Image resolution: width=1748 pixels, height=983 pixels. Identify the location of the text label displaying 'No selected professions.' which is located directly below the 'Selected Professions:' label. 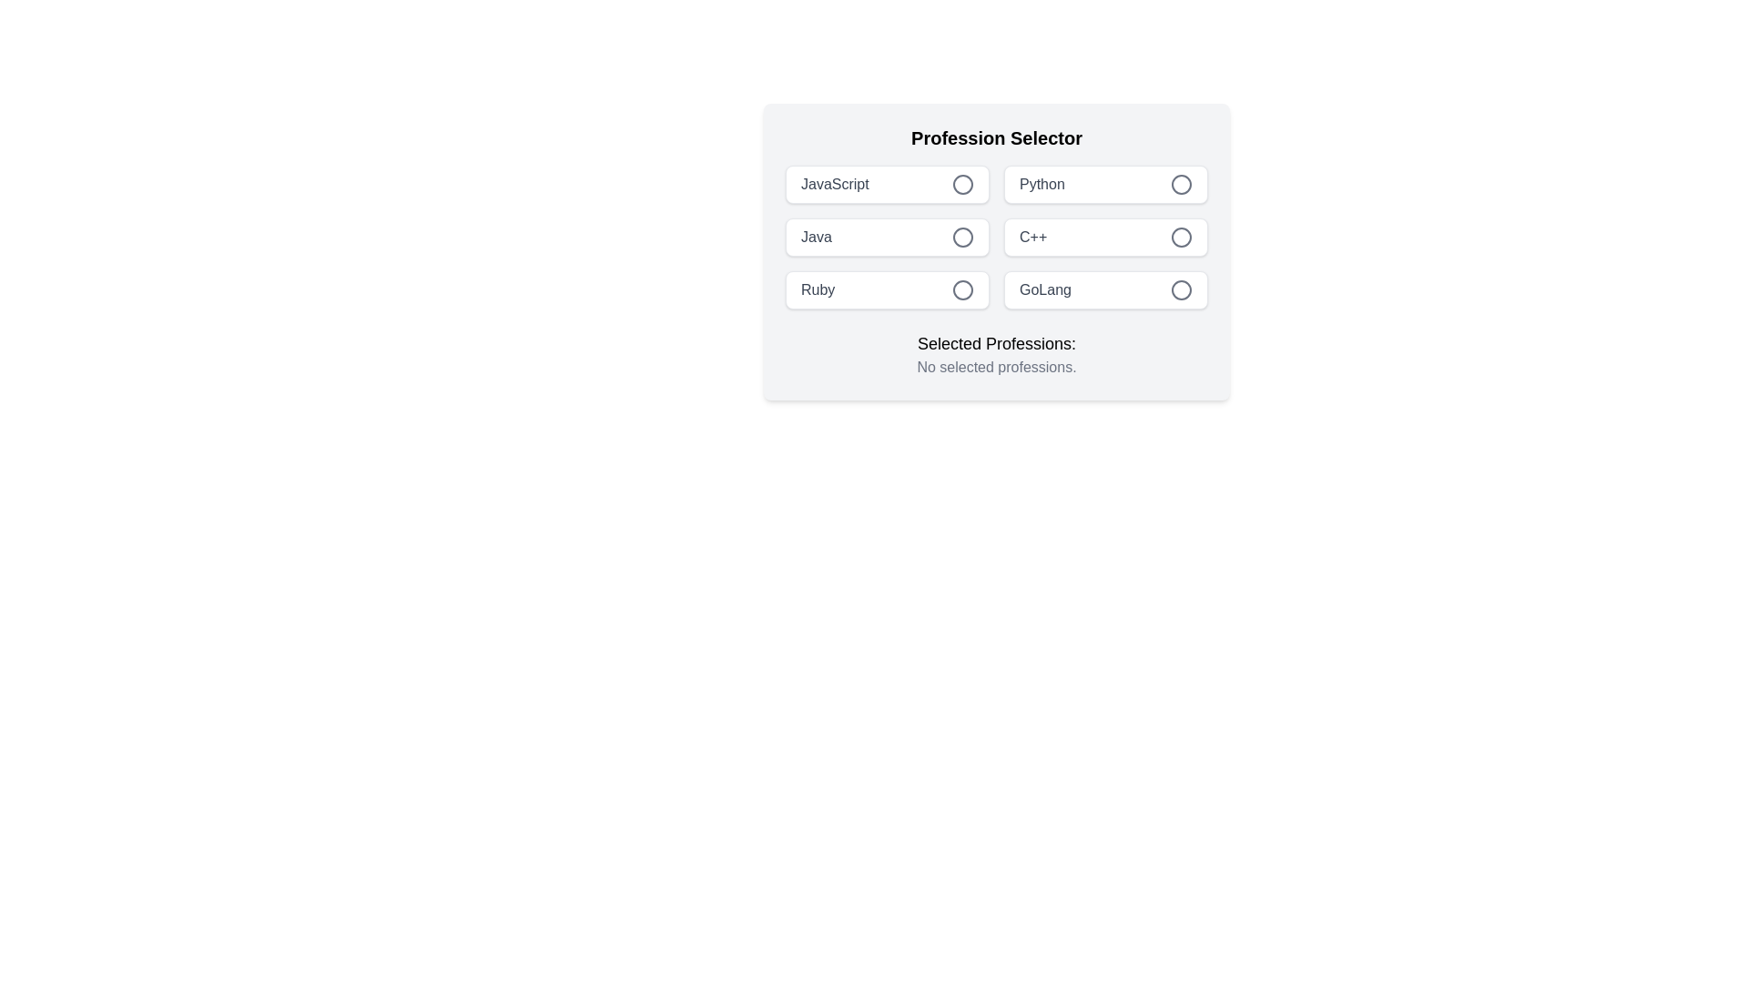
(995, 368).